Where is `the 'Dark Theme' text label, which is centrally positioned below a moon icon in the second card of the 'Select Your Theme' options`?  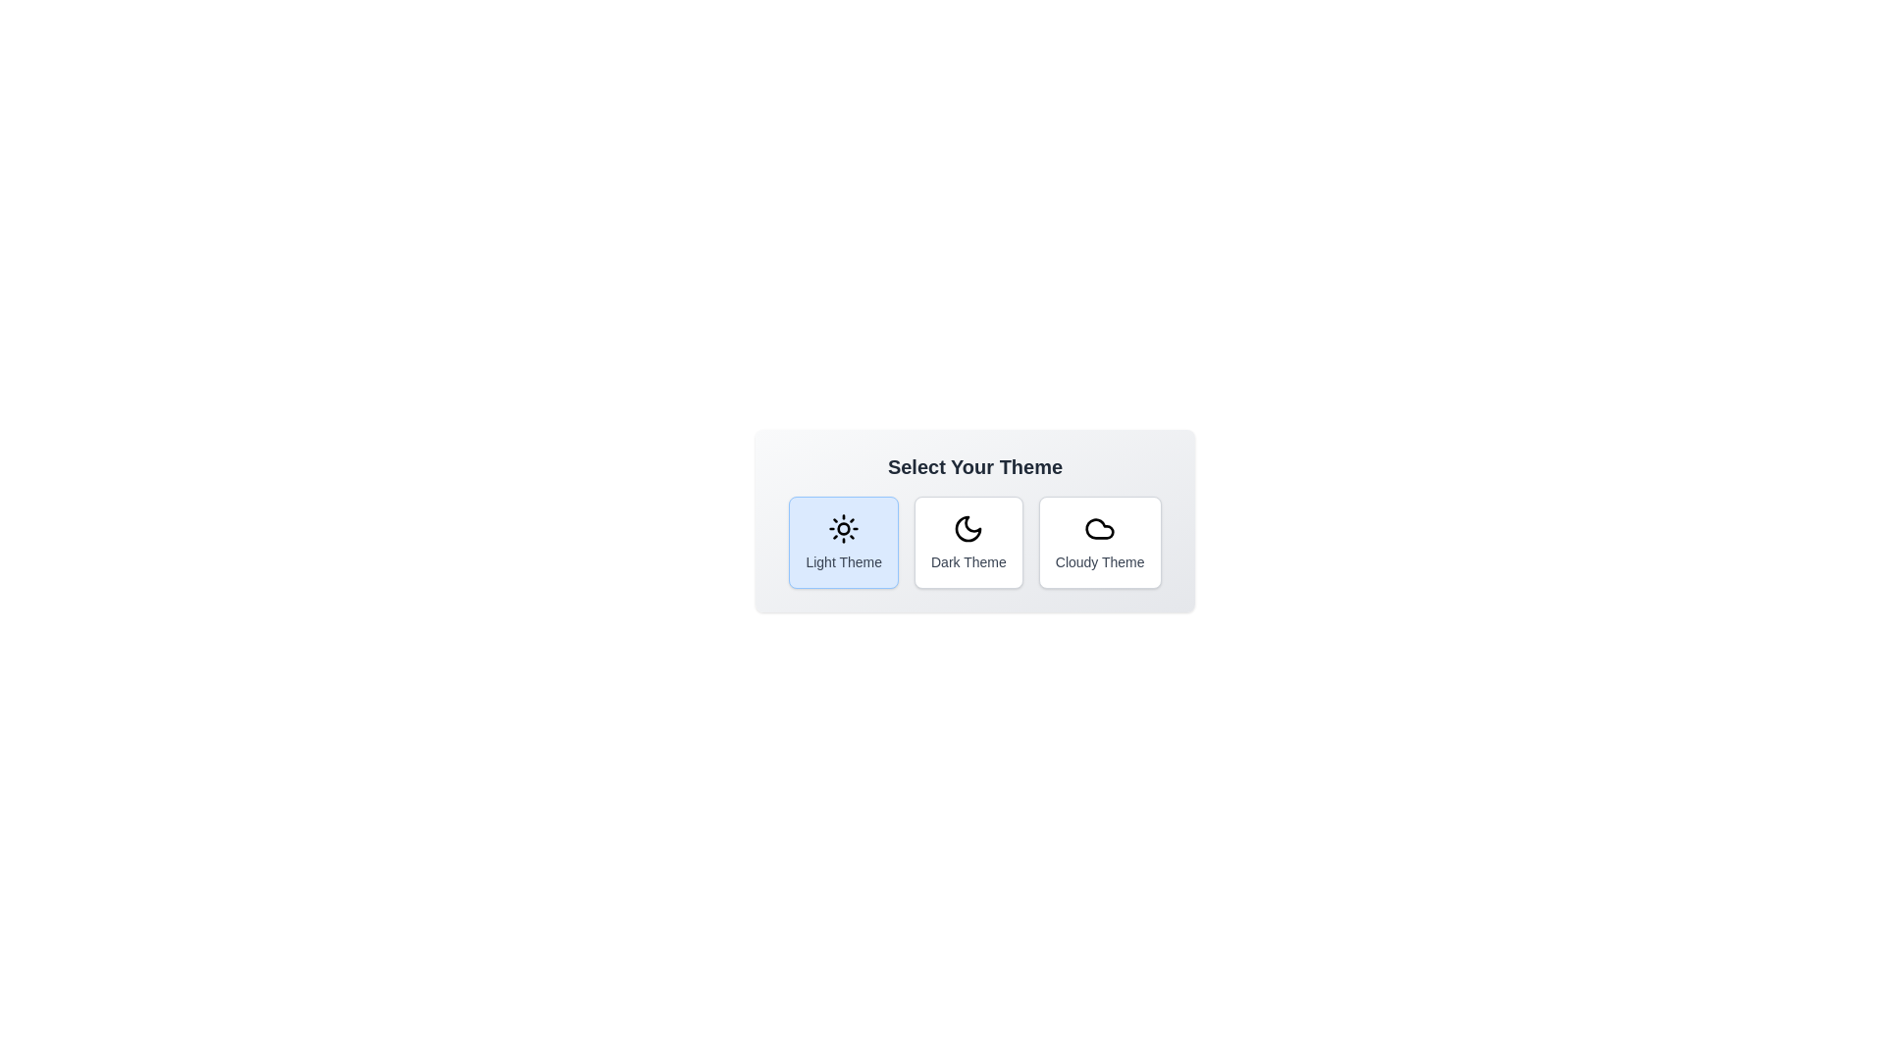
the 'Dark Theme' text label, which is centrally positioned below a moon icon in the second card of the 'Select Your Theme' options is located at coordinates (968, 562).